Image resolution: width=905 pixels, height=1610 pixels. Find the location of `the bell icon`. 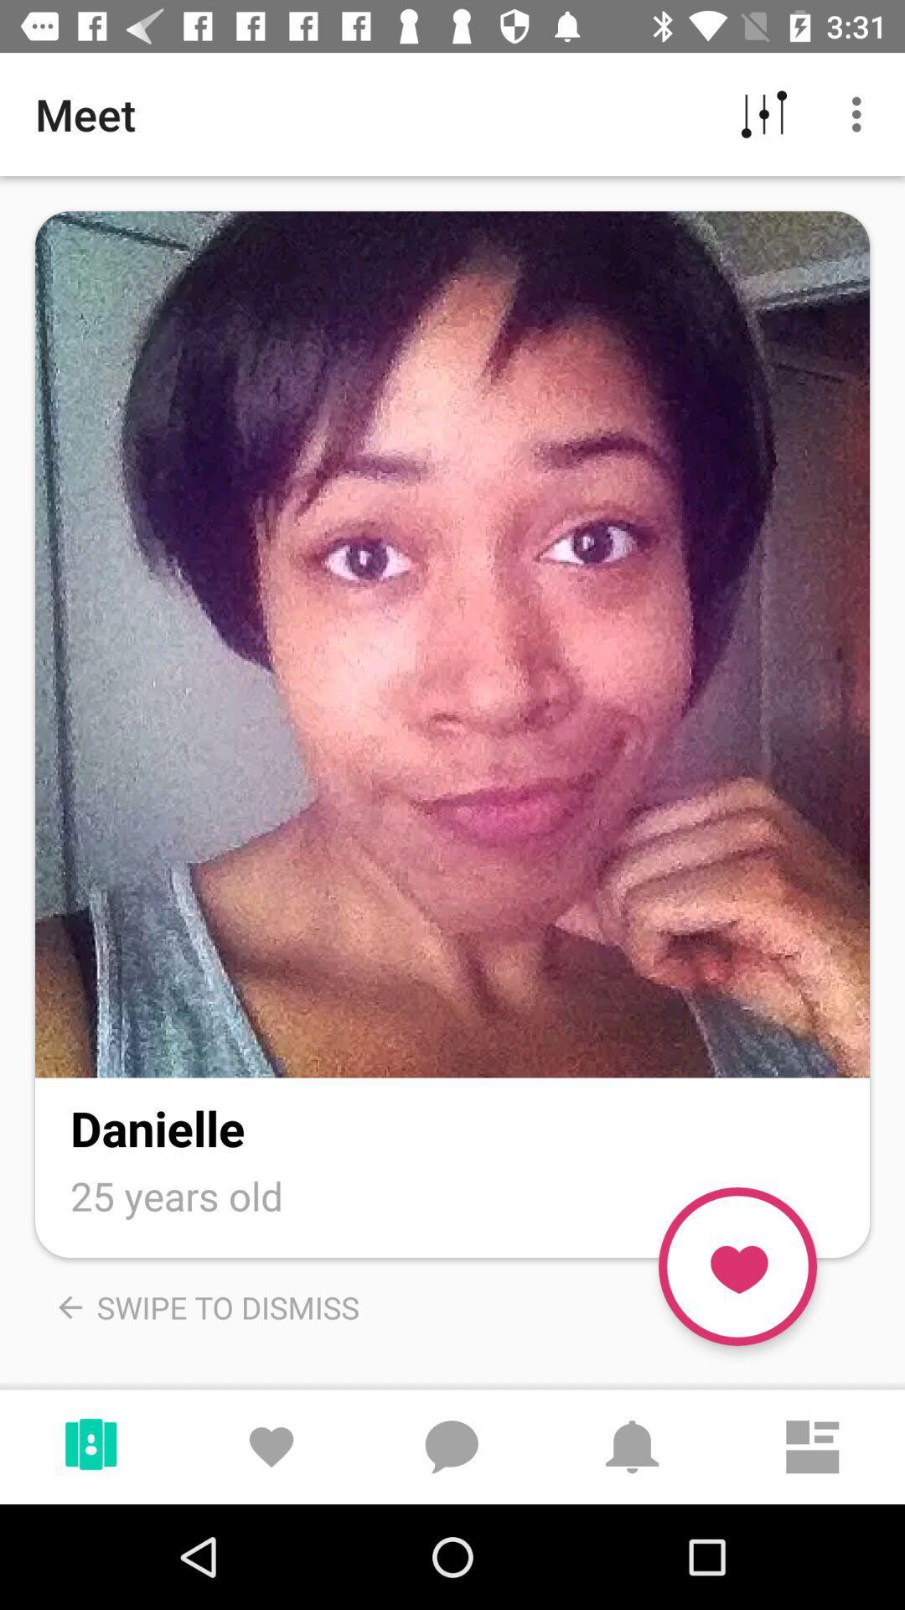

the bell icon is located at coordinates (632, 1436).